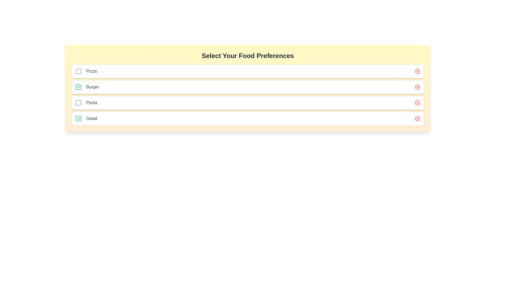  What do you see at coordinates (417, 118) in the screenshot?
I see `the button that removes or deselects the 'Salad' item from the preferences list, located at the far right endpoint of the row corresponding to 'Salad'` at bounding box center [417, 118].